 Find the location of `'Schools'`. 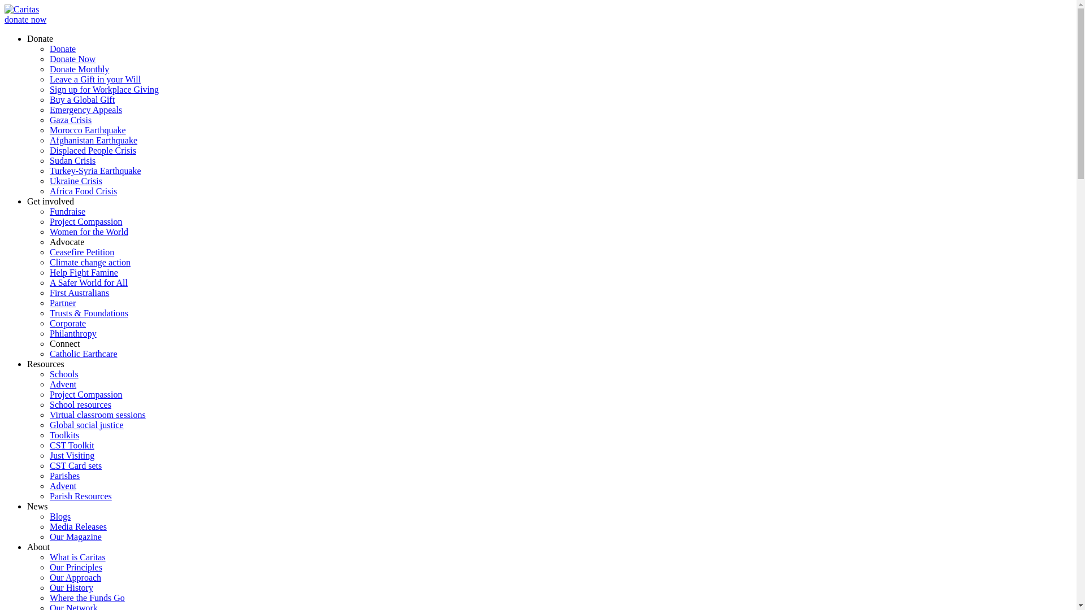

'Schools' is located at coordinates (63, 374).